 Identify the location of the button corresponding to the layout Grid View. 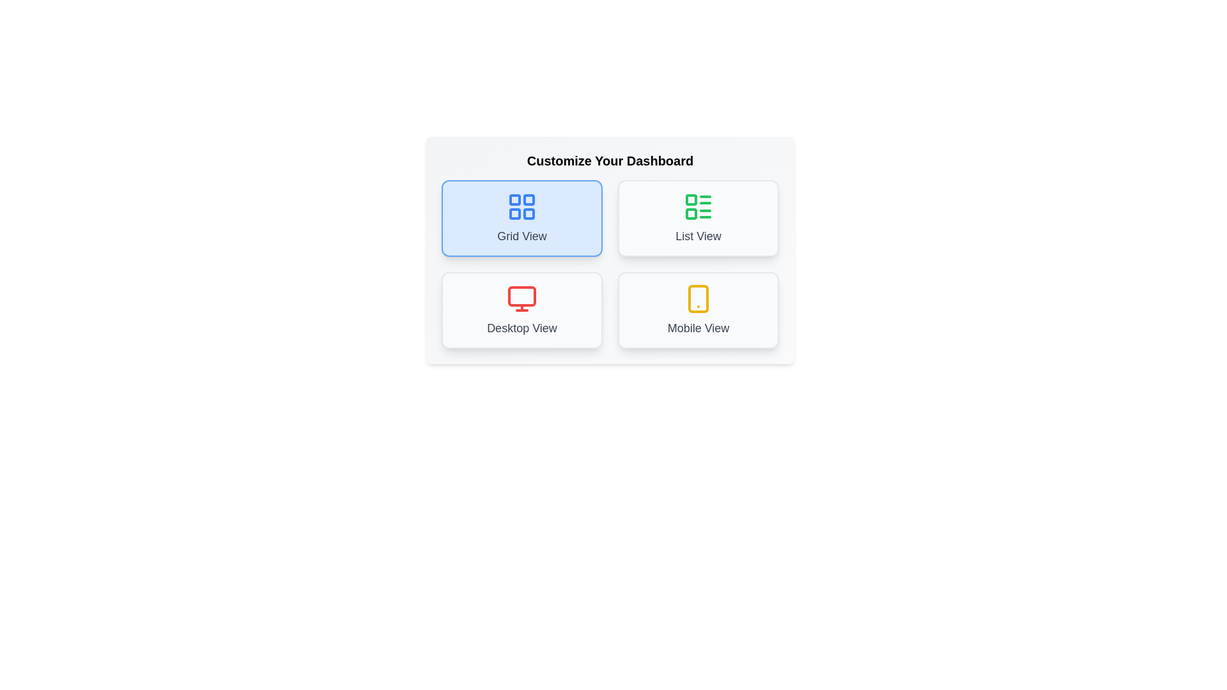
(521, 218).